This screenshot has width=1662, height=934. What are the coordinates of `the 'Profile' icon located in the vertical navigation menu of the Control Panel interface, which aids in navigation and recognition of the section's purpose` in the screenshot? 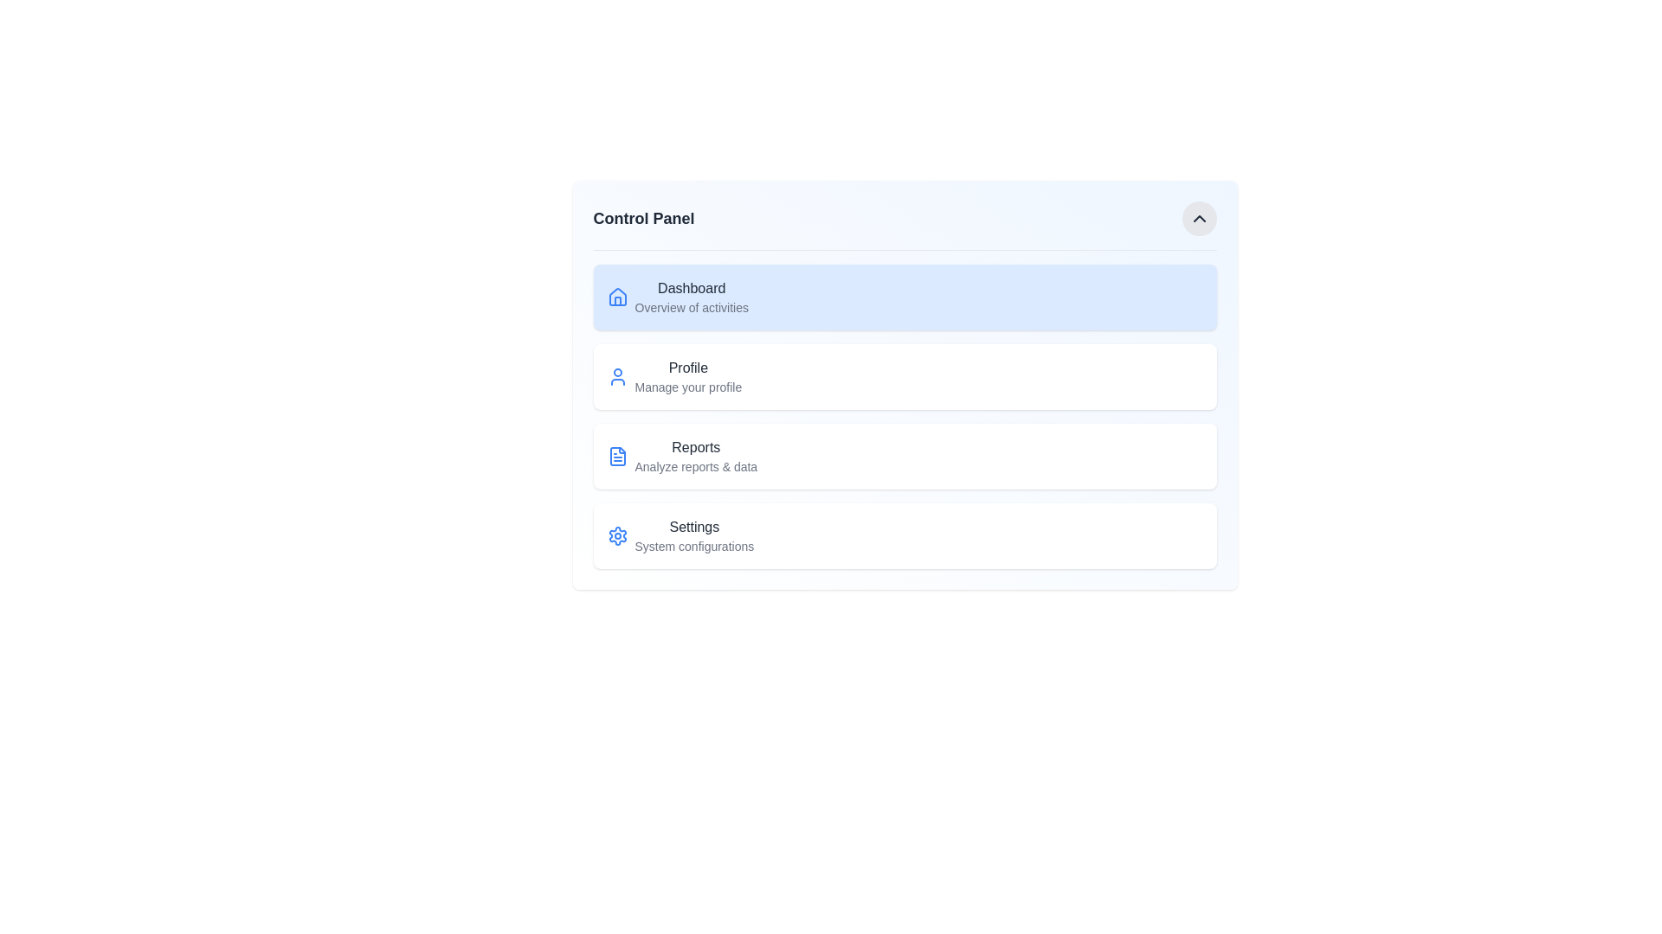 It's located at (617, 375).